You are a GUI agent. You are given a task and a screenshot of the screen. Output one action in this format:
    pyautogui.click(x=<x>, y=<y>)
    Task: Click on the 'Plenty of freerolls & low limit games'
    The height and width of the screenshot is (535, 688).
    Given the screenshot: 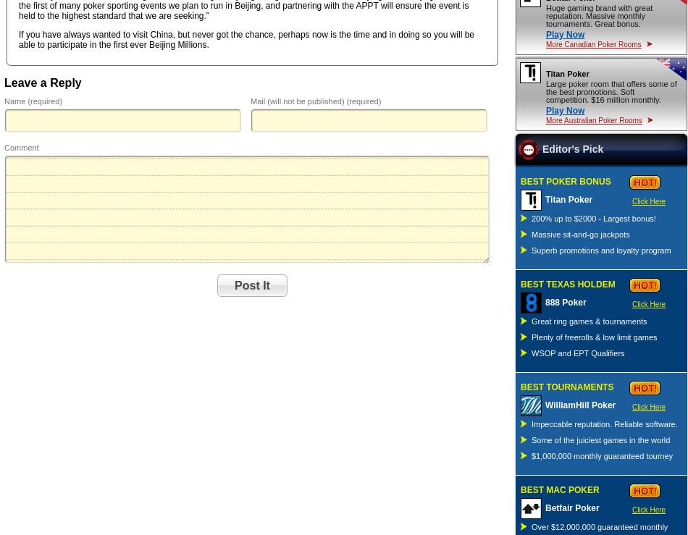 What is the action you would take?
    pyautogui.click(x=593, y=336)
    